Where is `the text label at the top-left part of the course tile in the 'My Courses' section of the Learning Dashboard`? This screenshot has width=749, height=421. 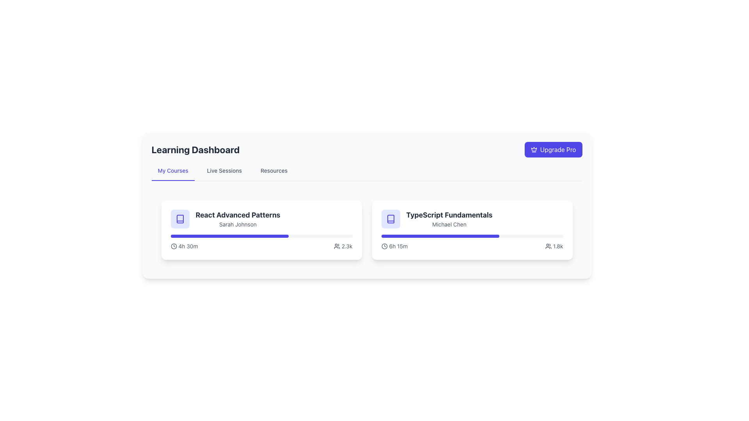 the text label at the top-left part of the course tile in the 'My Courses' section of the Learning Dashboard is located at coordinates (261, 219).